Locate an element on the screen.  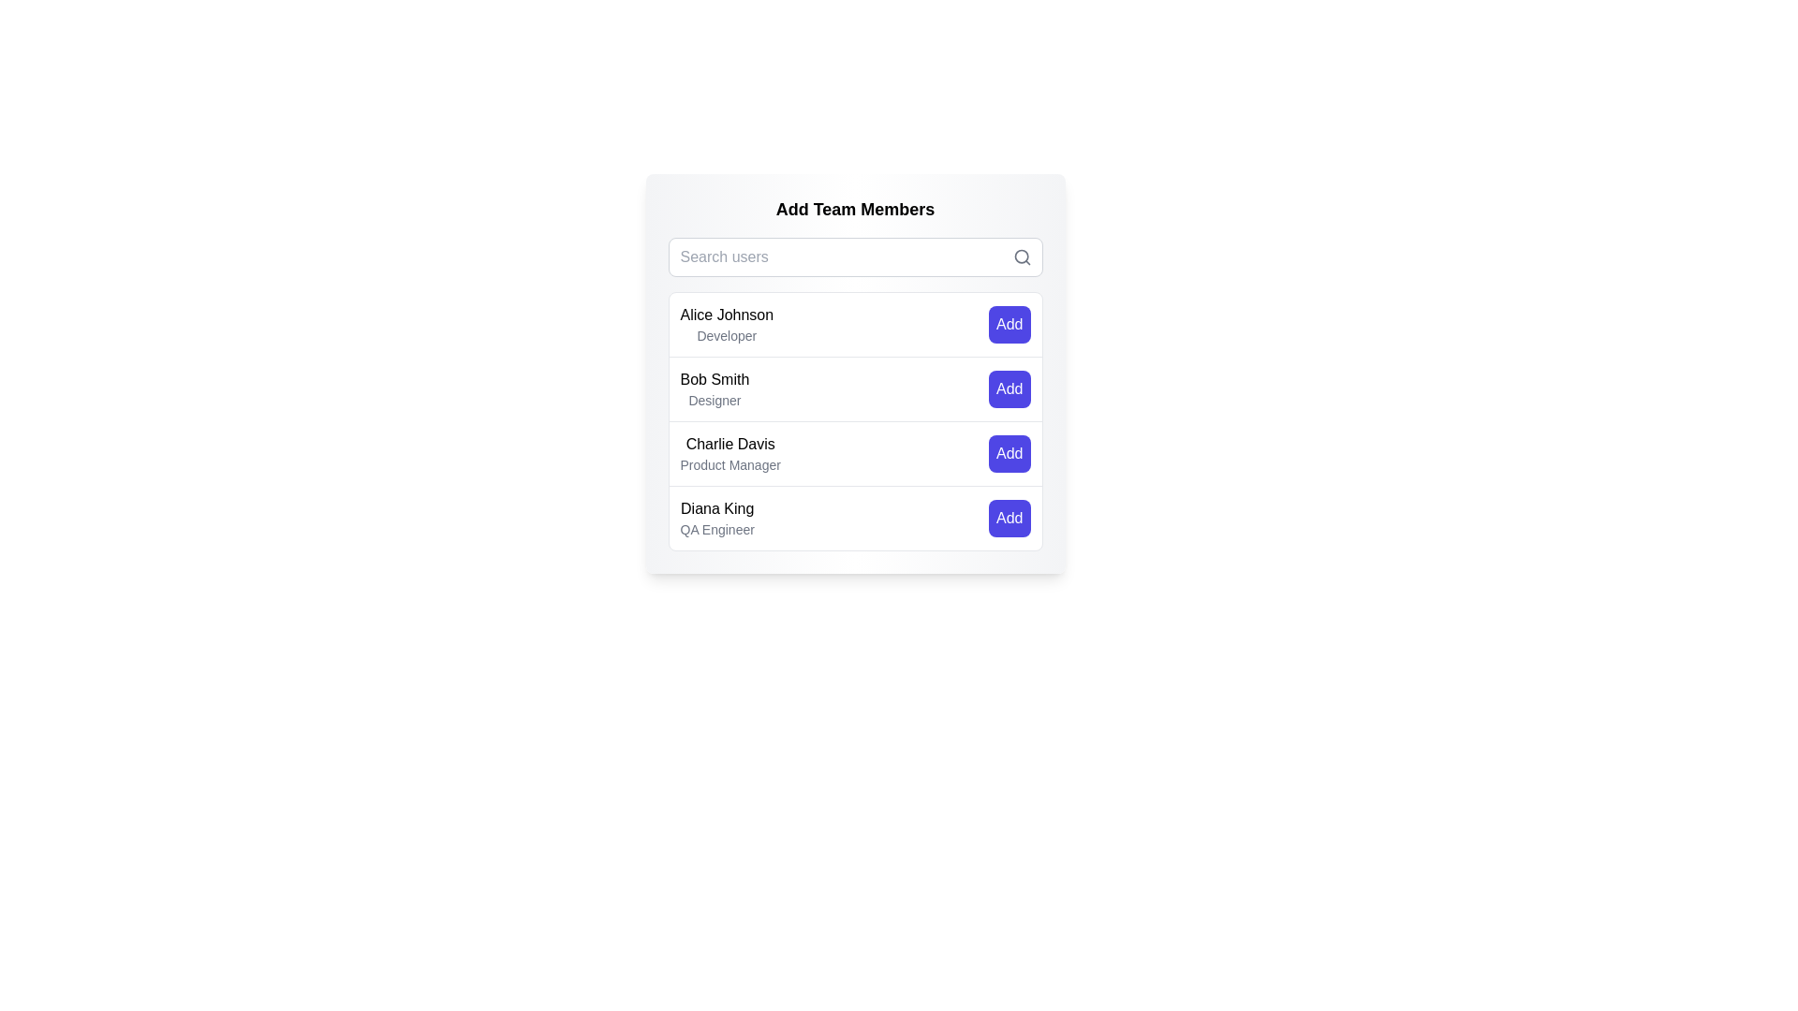
the Text Block displaying 'Alice Johnson' above 'Developer' in the first row of the 'Add Team Members' modal is located at coordinates (726, 324).